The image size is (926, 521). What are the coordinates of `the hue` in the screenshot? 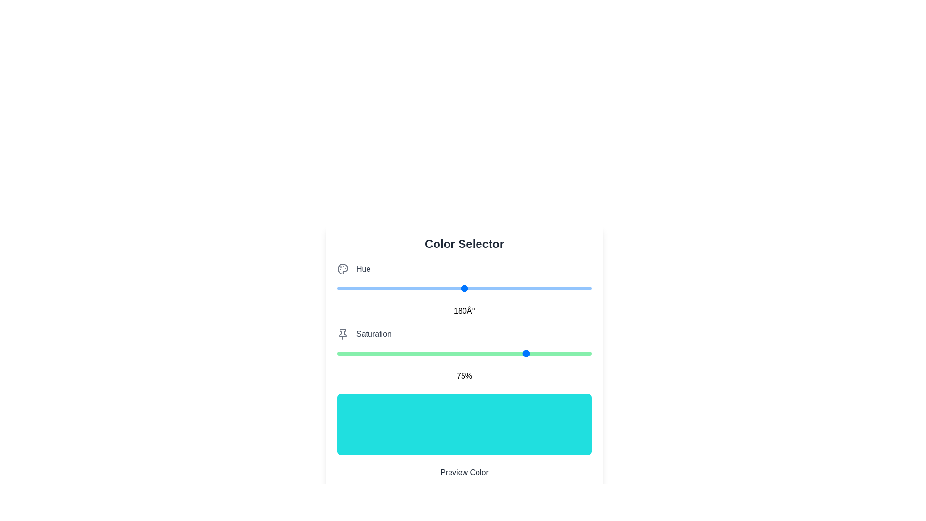 It's located at (462, 288).